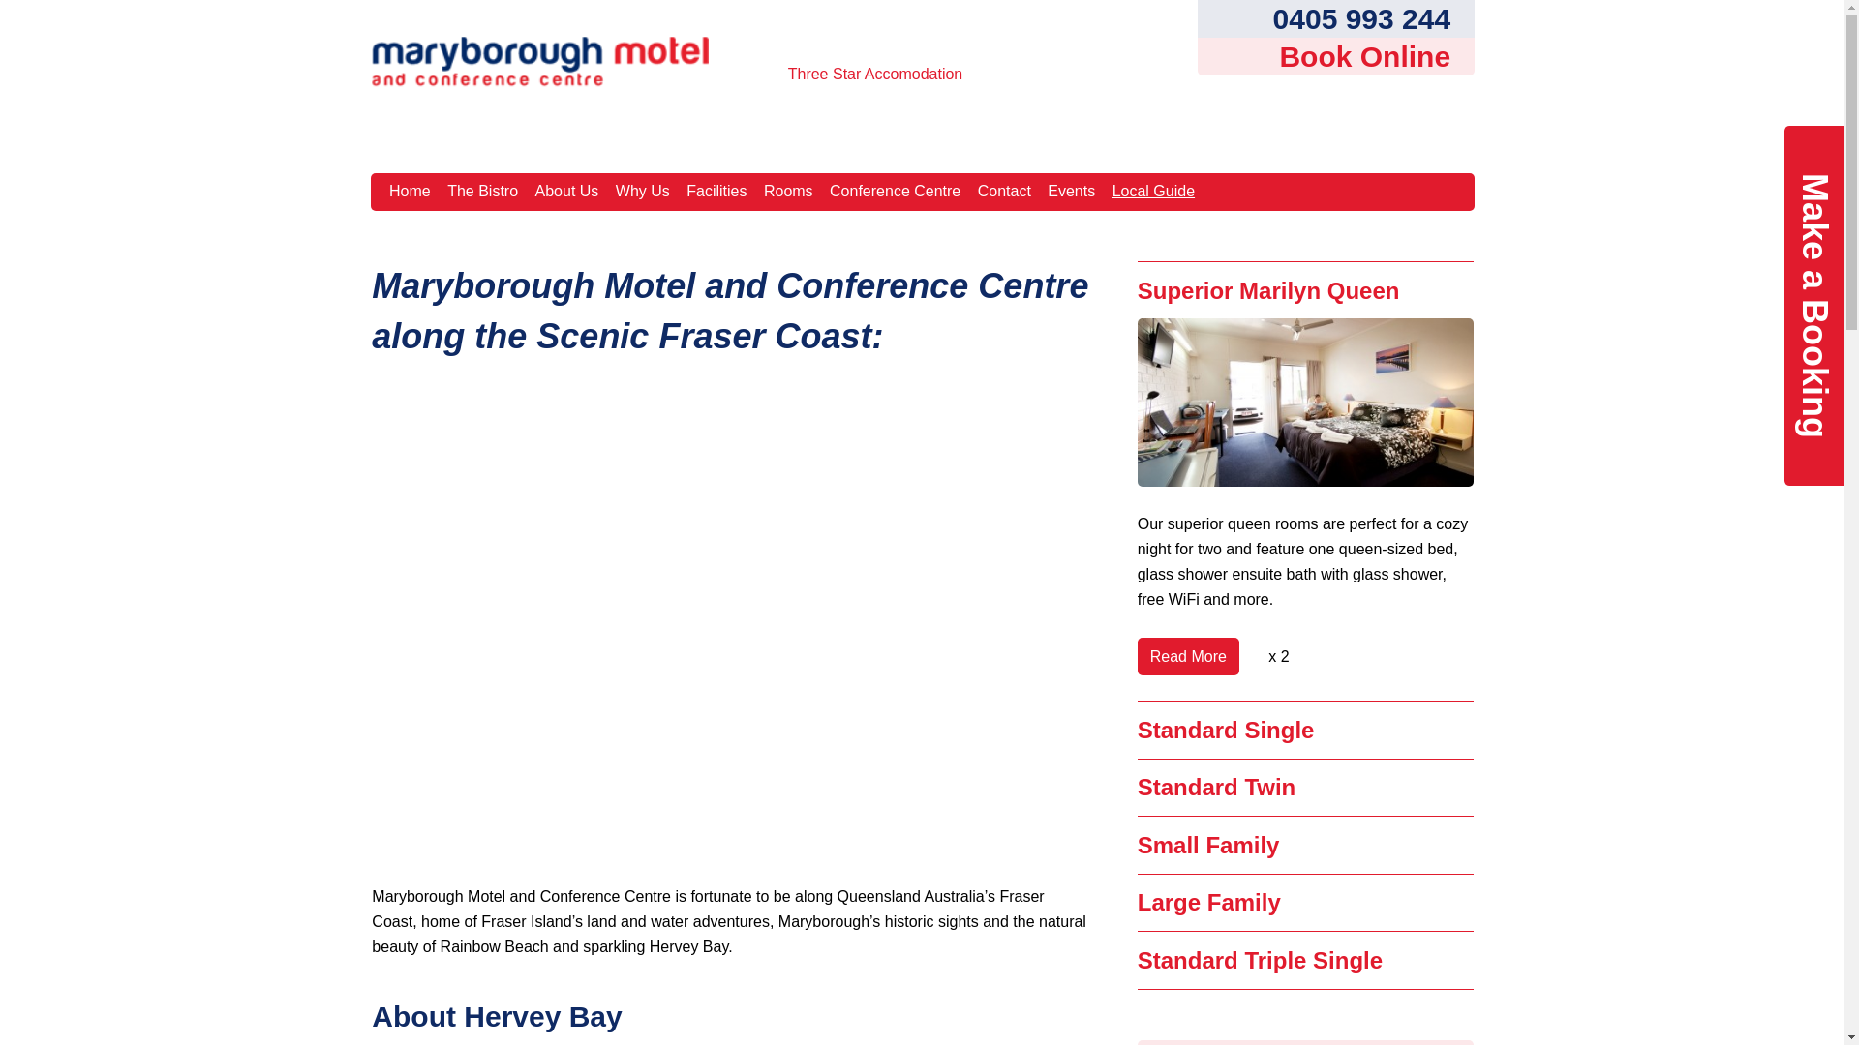  Describe the element at coordinates (1071, 192) in the screenshot. I see `'Events'` at that location.